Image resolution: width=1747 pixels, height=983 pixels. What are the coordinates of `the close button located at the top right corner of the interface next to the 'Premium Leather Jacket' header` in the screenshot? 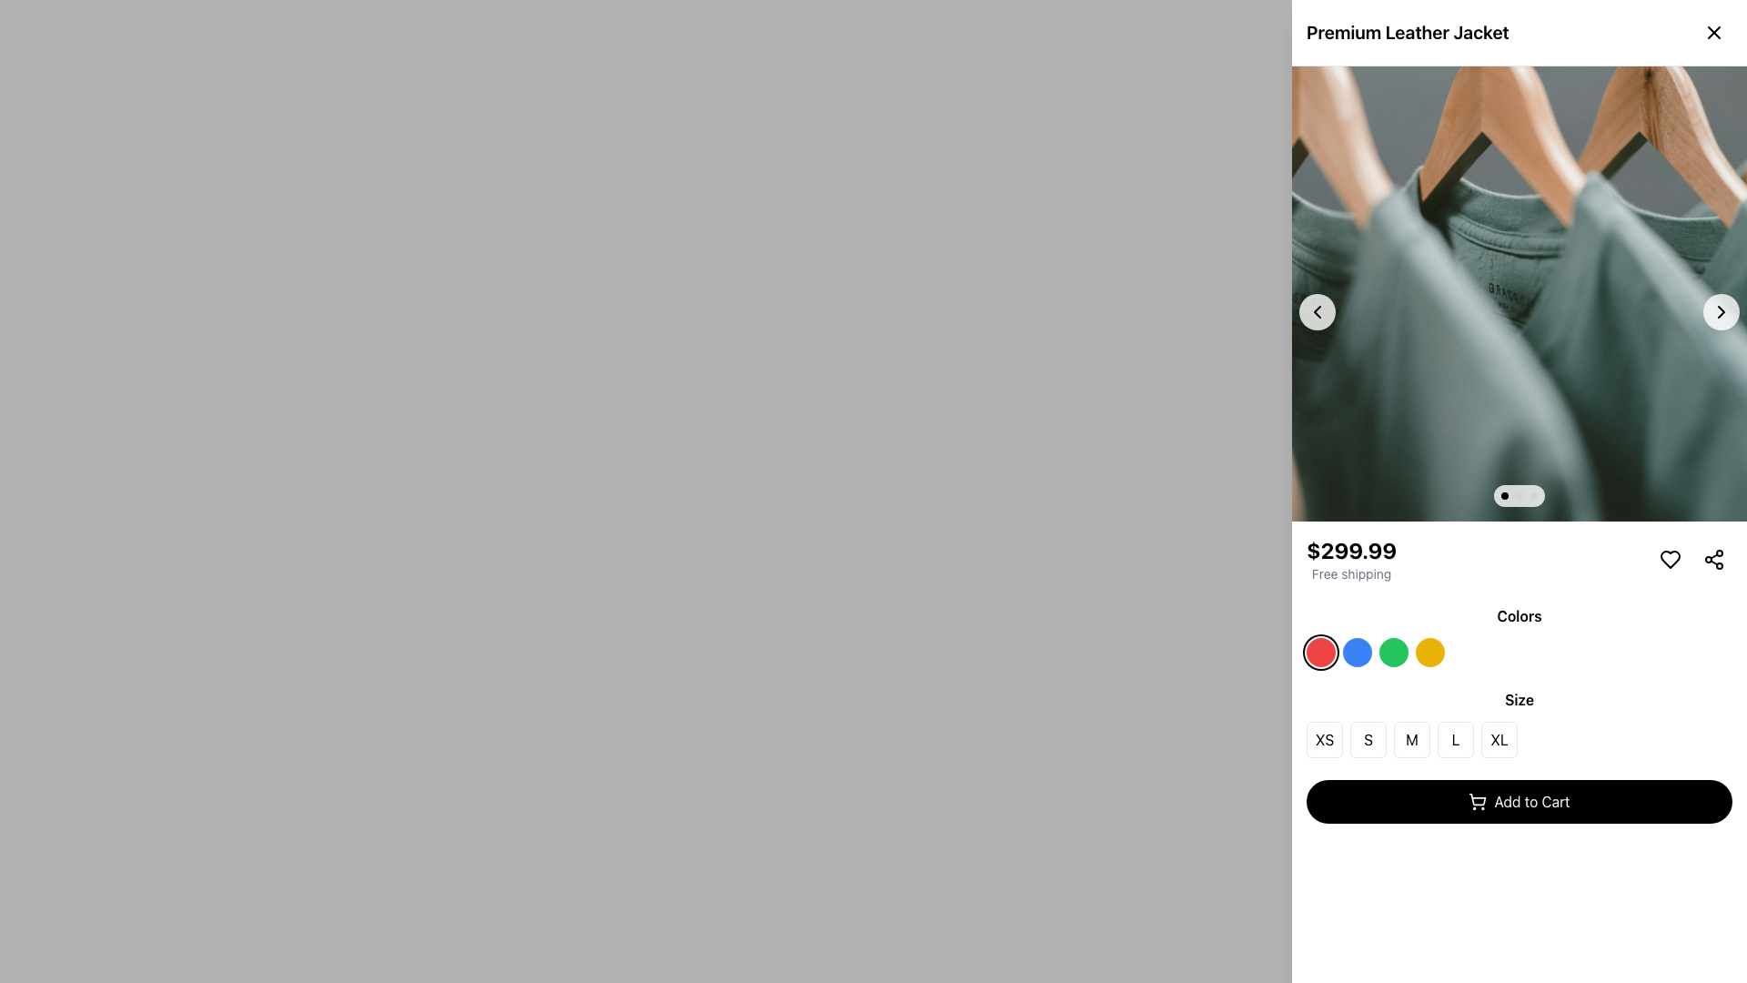 It's located at (1712, 32).